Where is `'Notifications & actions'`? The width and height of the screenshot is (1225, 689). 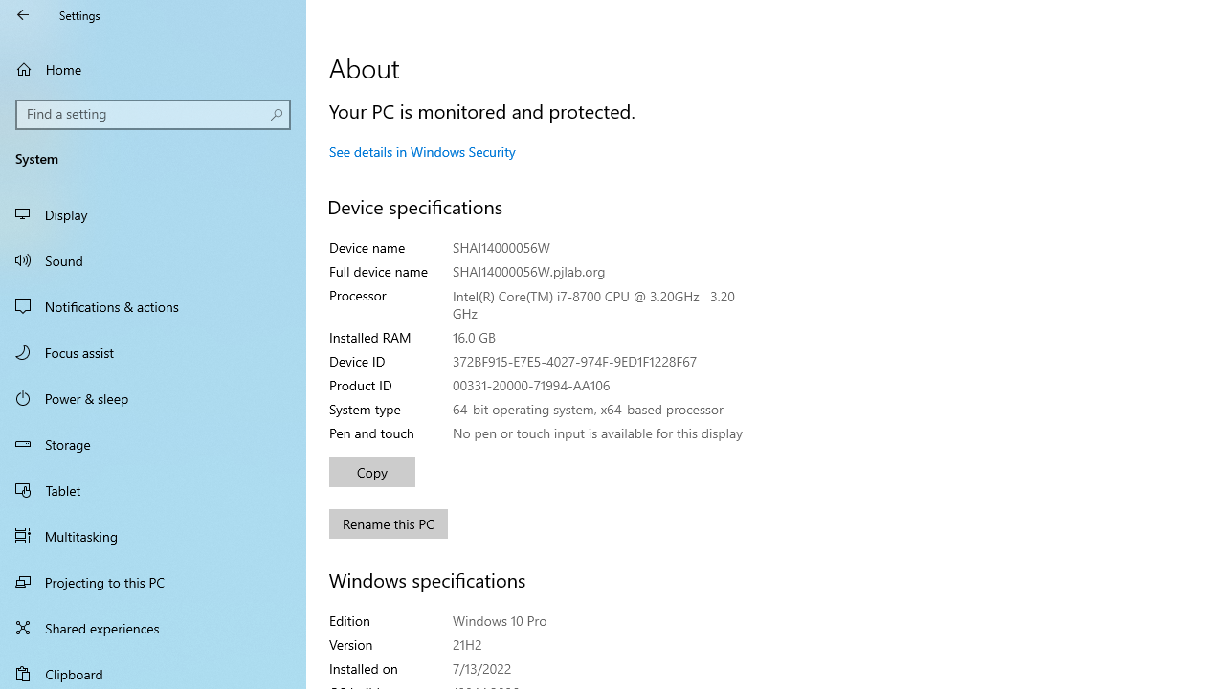 'Notifications & actions' is located at coordinates (153, 305).